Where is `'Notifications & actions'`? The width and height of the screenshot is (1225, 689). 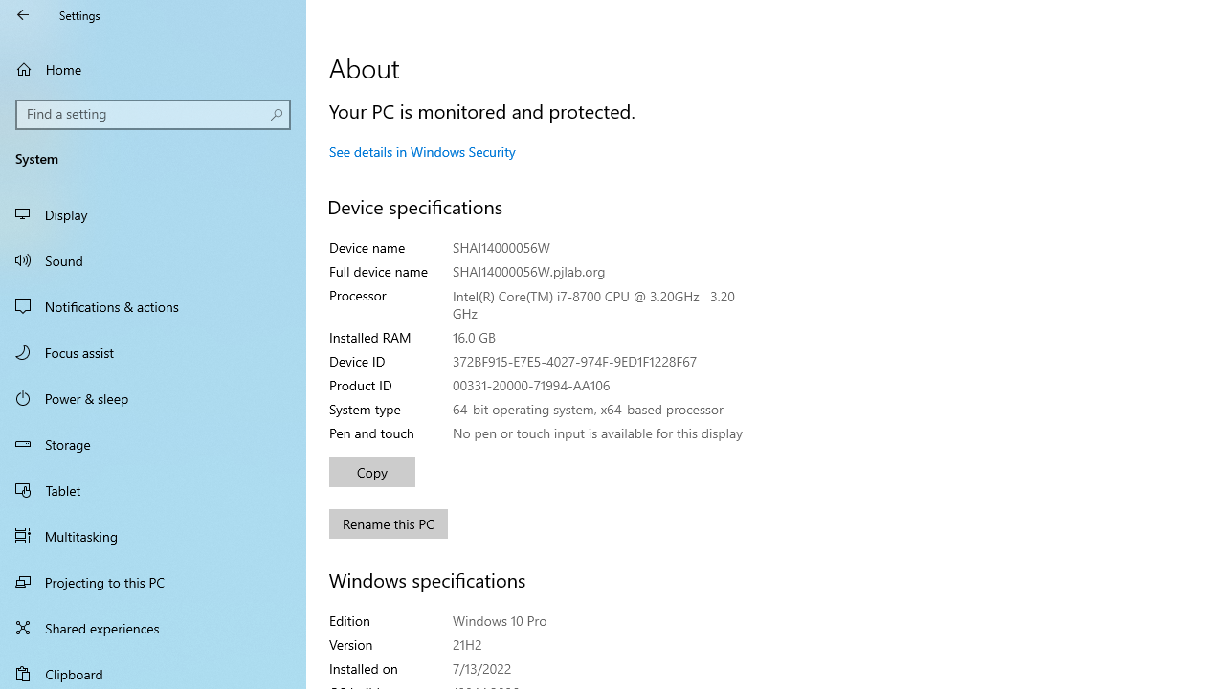 'Notifications & actions' is located at coordinates (153, 305).